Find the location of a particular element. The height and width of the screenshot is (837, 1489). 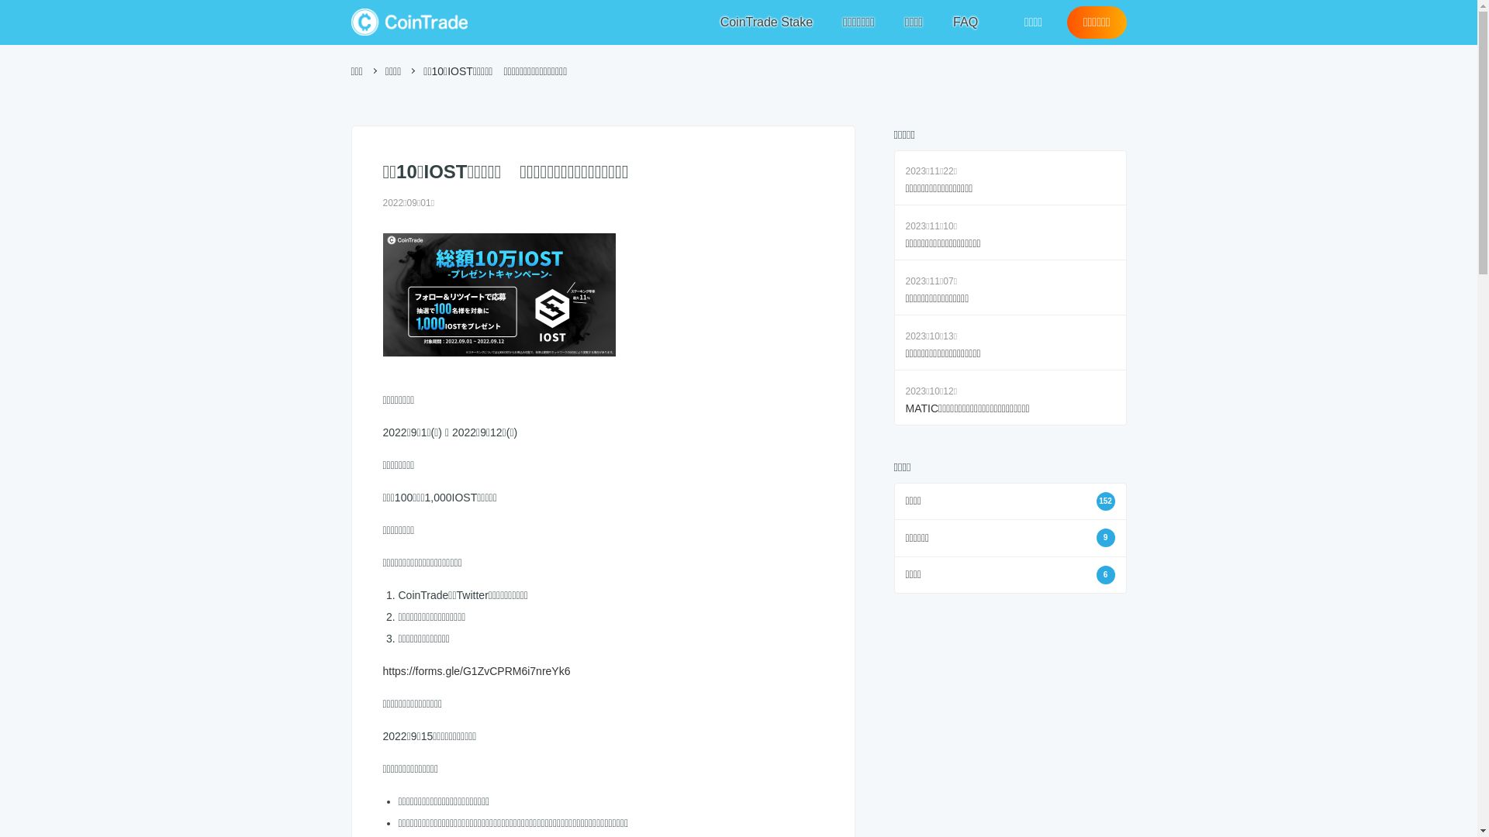

'CoinTrade Stake' is located at coordinates (766, 22).